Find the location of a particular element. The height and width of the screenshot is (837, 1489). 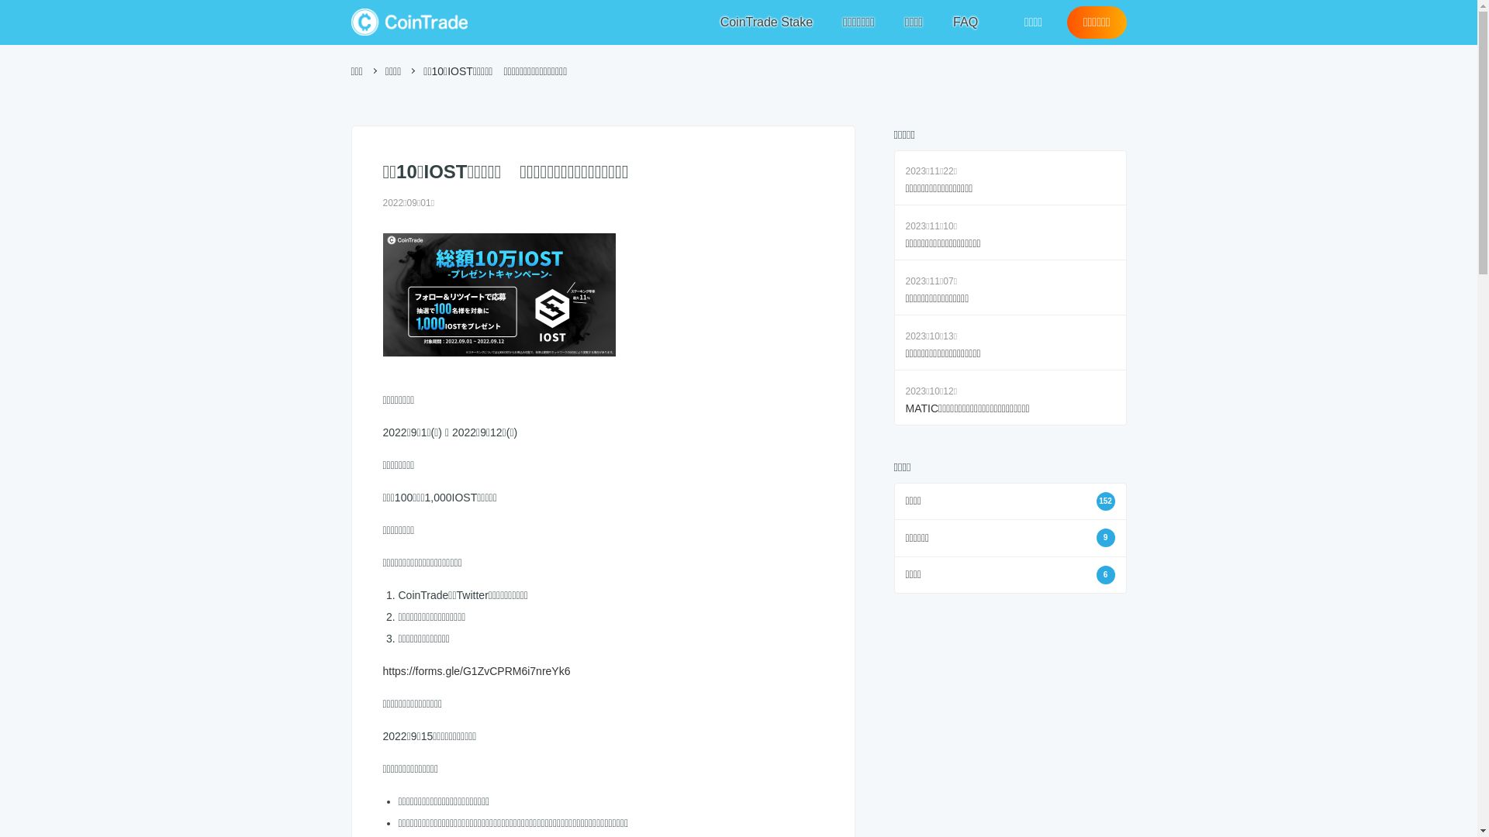

'CoinTrade Stake' is located at coordinates (766, 22).